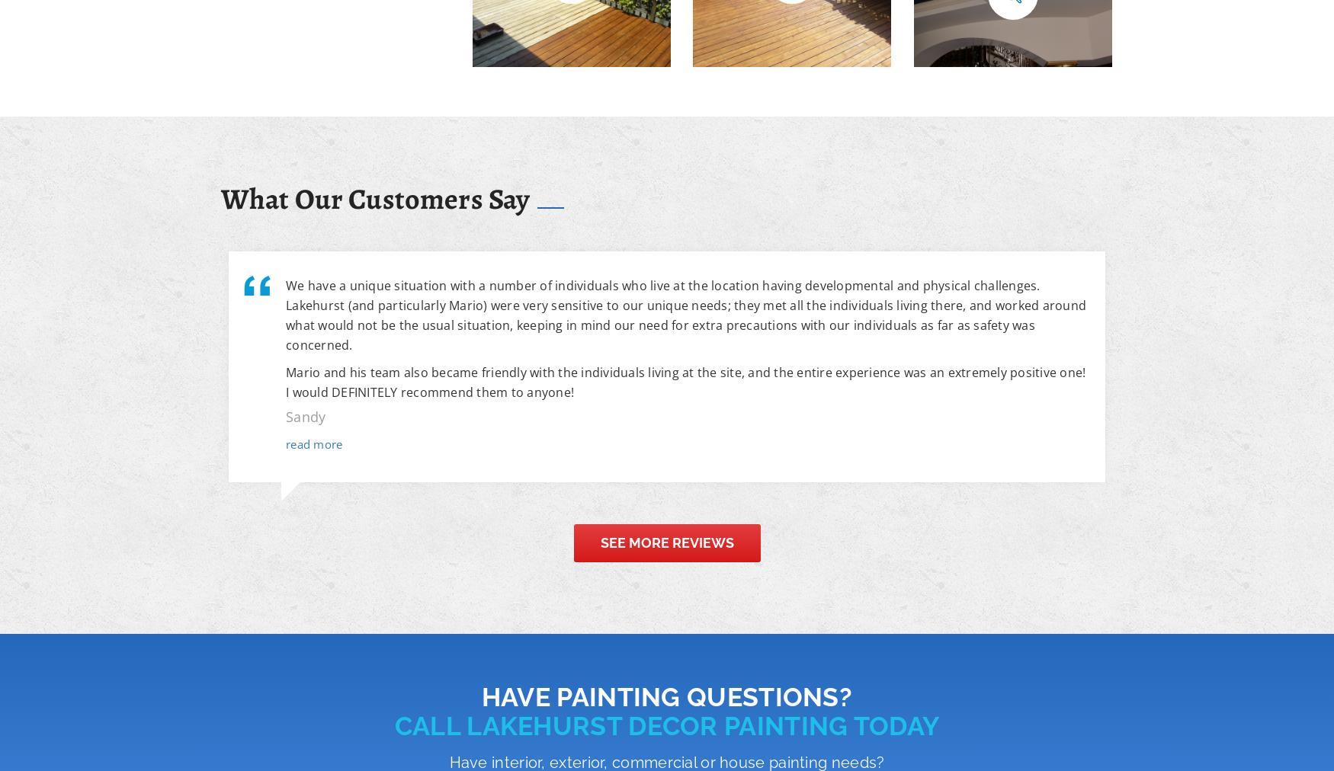 The height and width of the screenshot is (771, 1334). What do you see at coordinates (685, 382) in the screenshot?
I see `'Mario and his team also became friendly with the individuals living at the site, and the entire experience was an extremely positive one! I would DEFINITELY recommend them to anyone!'` at bounding box center [685, 382].